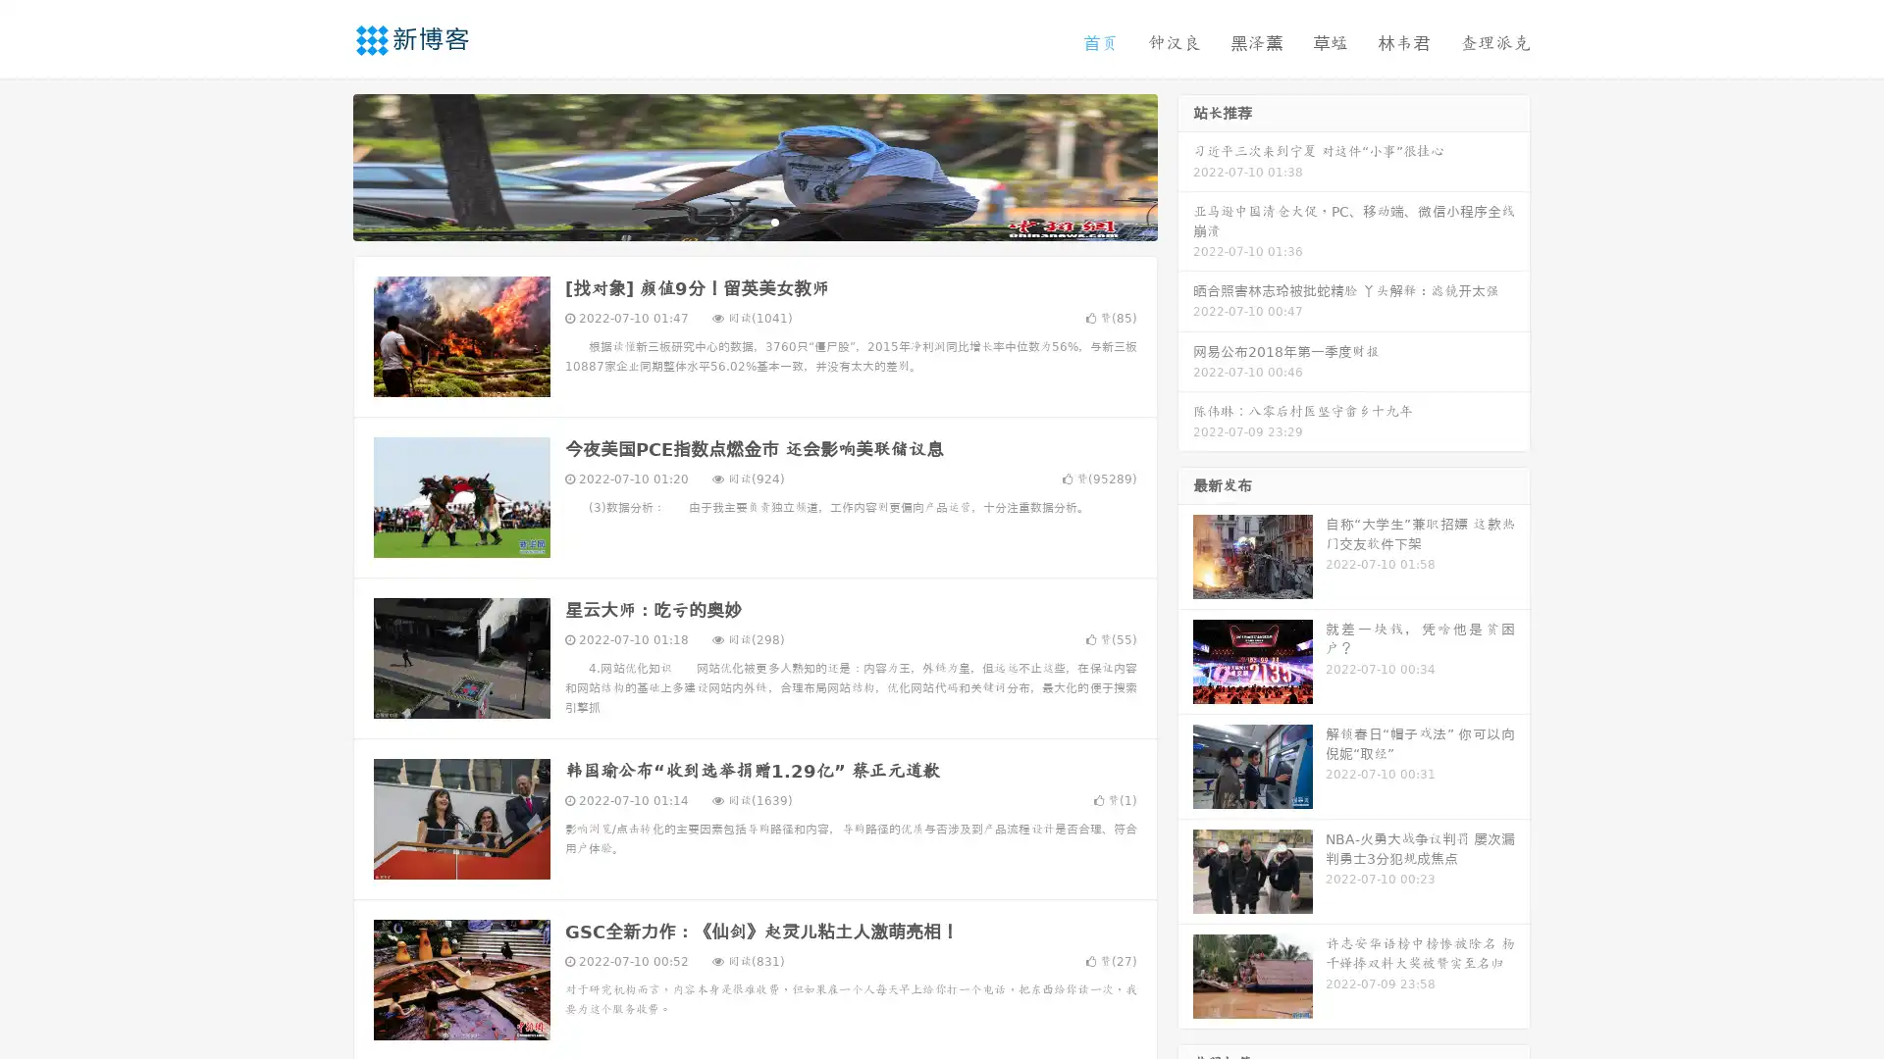 The height and width of the screenshot is (1059, 1884). What do you see at coordinates (1185, 165) in the screenshot?
I see `Next slide` at bounding box center [1185, 165].